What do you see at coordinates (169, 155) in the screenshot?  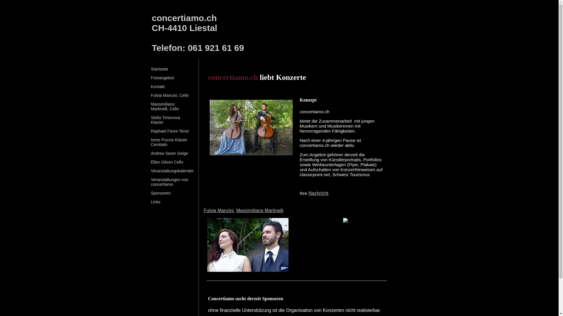 I see `'Andrea Saxer Geige'` at bounding box center [169, 155].